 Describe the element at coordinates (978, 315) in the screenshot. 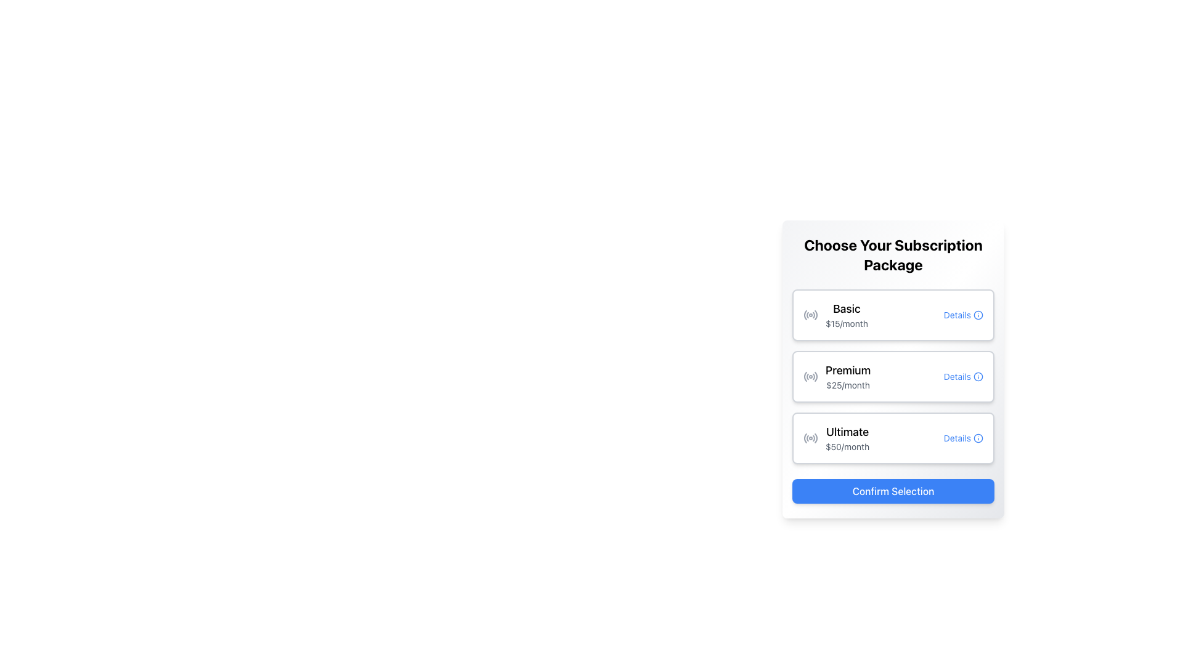

I see `the informational icon located to the right of the 'Details' label in the 'Basic' subscription package card` at that location.